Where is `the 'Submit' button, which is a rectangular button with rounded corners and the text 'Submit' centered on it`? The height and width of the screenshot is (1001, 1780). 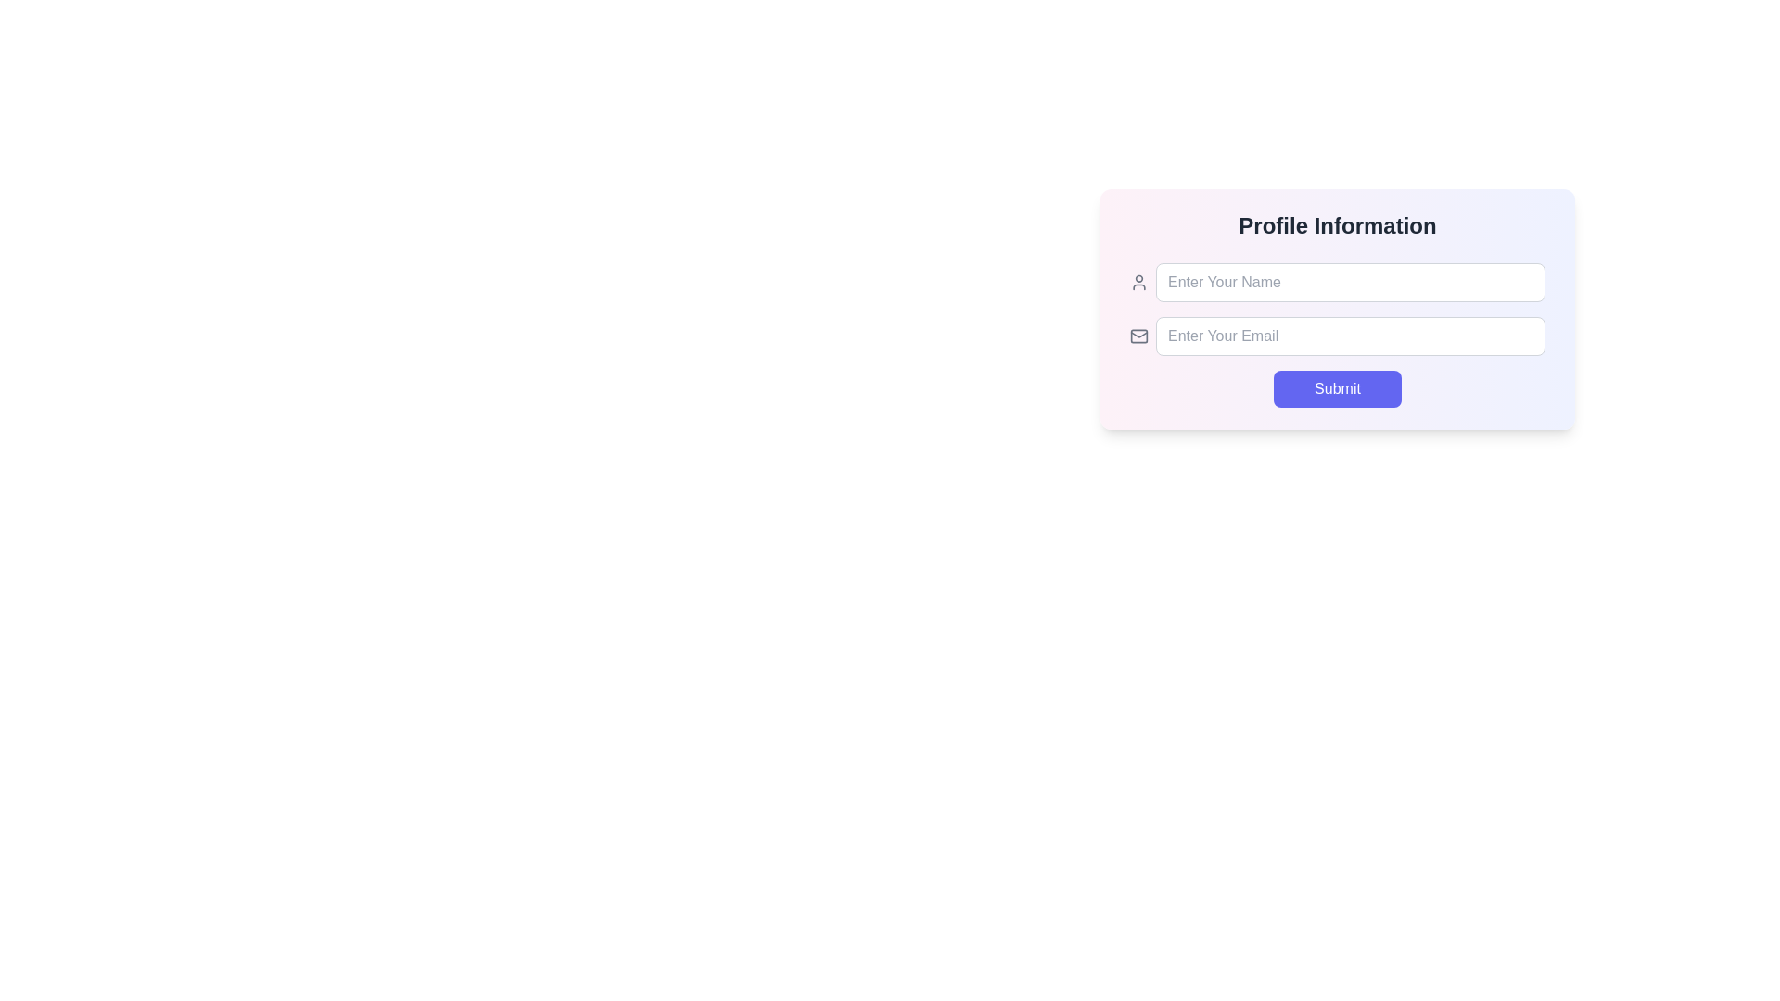 the 'Submit' button, which is a rectangular button with rounded corners and the text 'Submit' centered on it is located at coordinates (1338, 388).